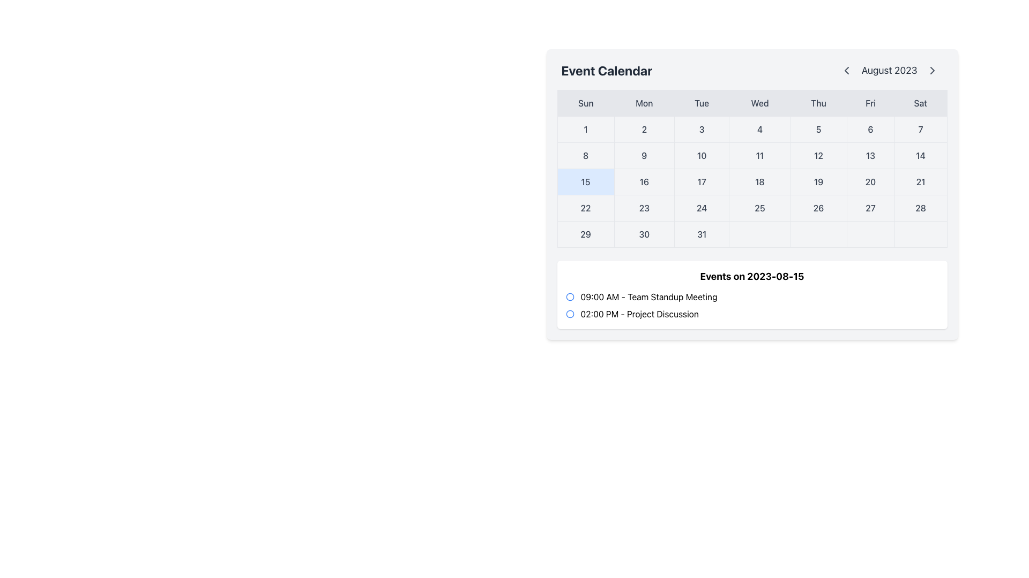 The width and height of the screenshot is (1029, 578). I want to click on the button-like calendar cell displaying the text '12', located under the 'Thu' column in the monthly calendar grid, so click(818, 155).